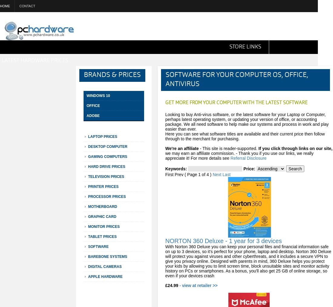  I want to click on '- view at retailer >>', so click(198, 285).